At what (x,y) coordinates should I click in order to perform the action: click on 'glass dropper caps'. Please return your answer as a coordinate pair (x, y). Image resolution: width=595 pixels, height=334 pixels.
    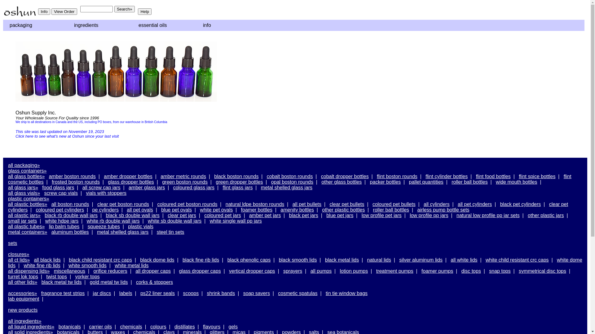
    Looking at the image, I should click on (200, 271).